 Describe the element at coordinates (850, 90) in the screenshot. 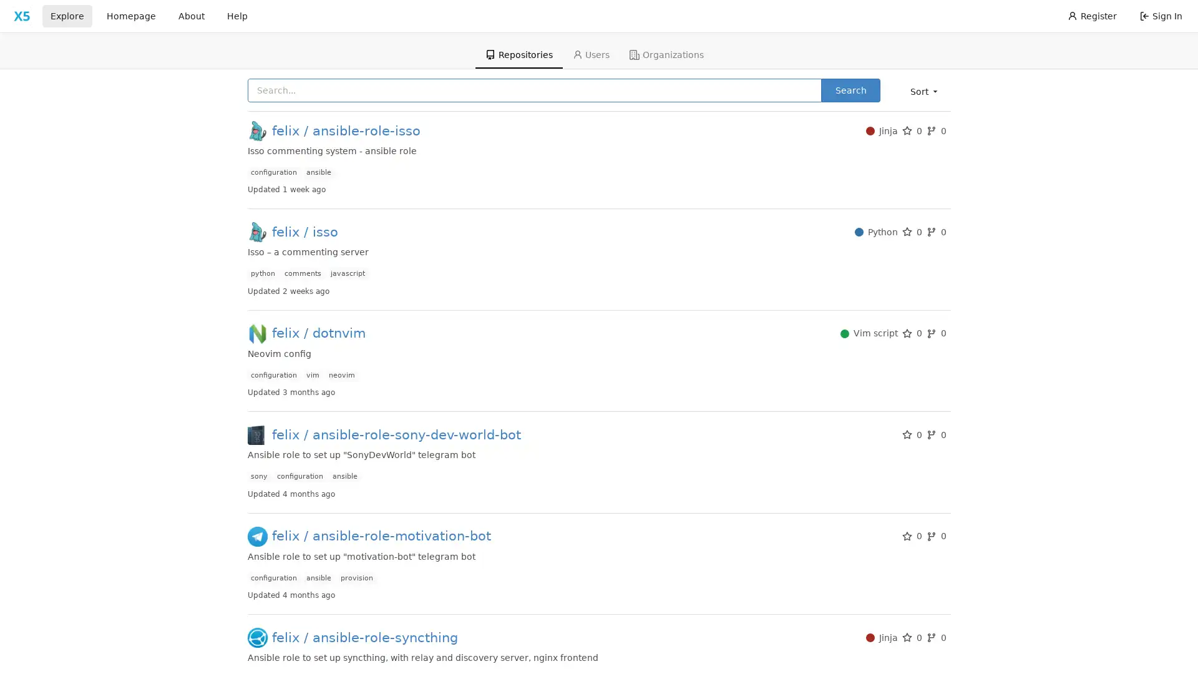

I see `Search` at that location.